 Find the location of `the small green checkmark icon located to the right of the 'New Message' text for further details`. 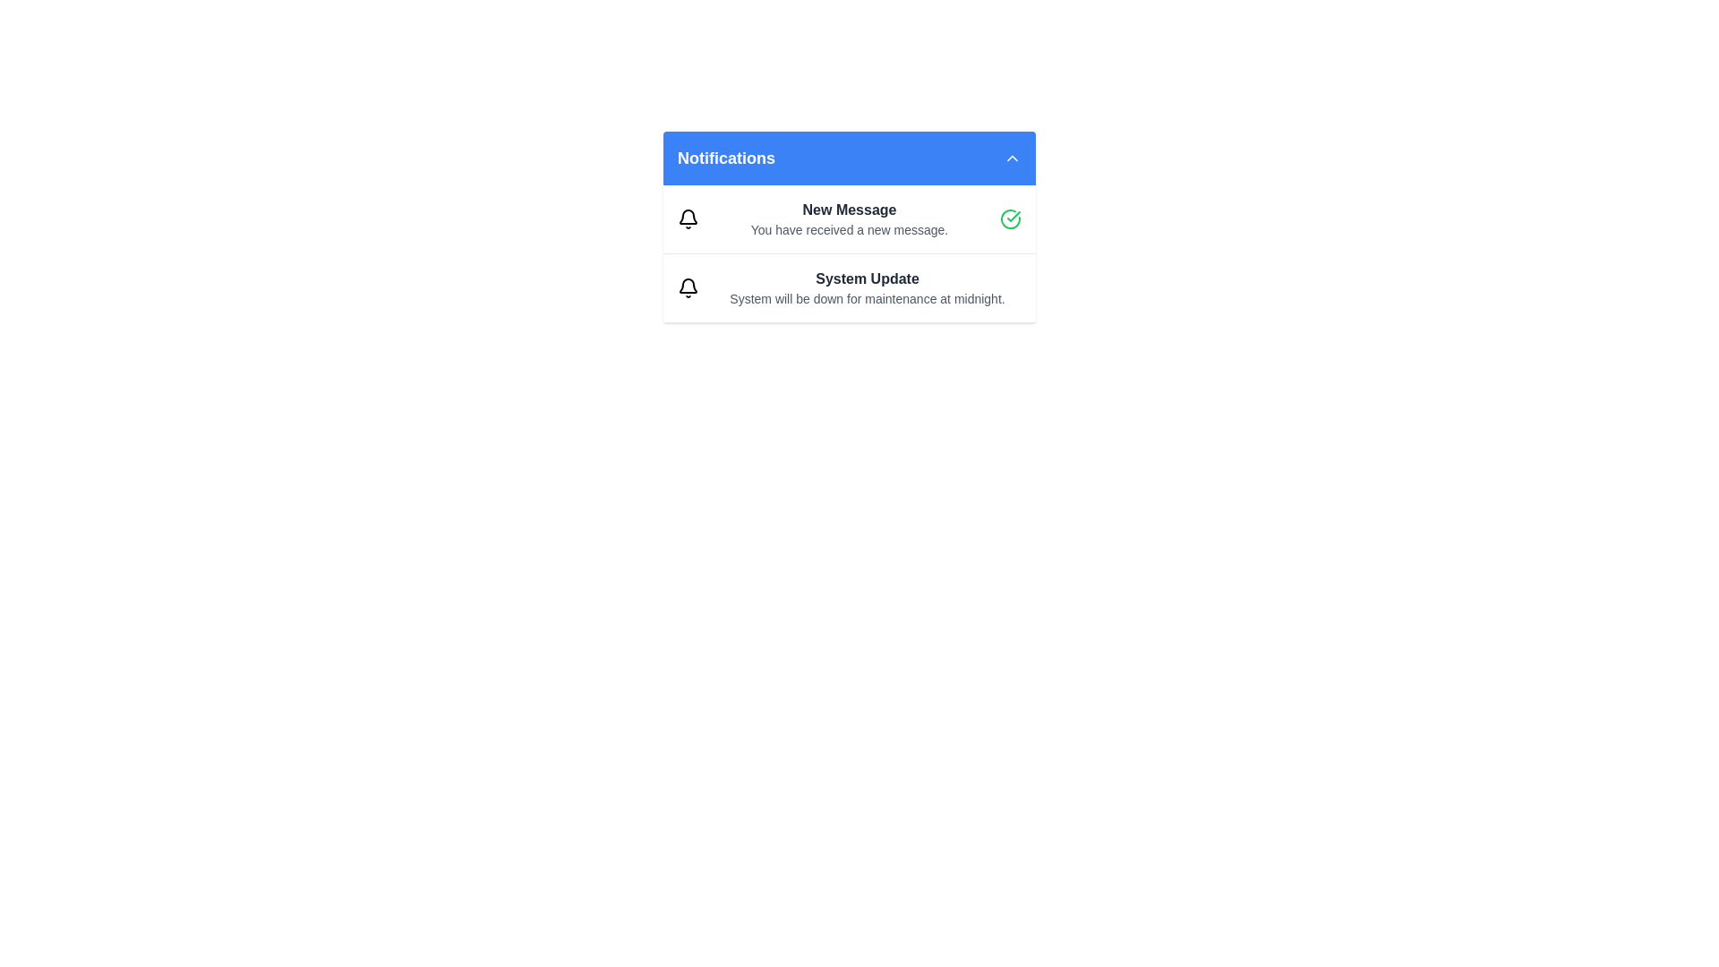

the small green checkmark icon located to the right of the 'New Message' text for further details is located at coordinates (1013, 216).